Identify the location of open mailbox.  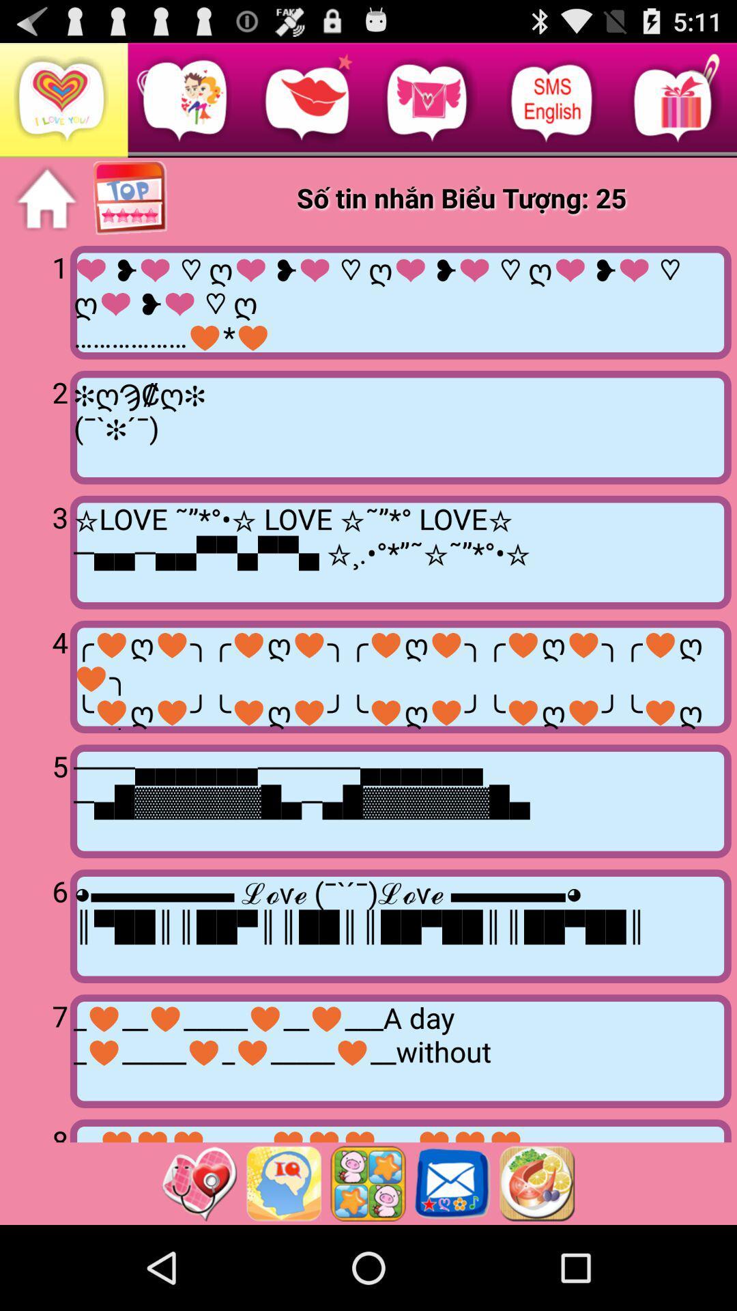
(452, 1183).